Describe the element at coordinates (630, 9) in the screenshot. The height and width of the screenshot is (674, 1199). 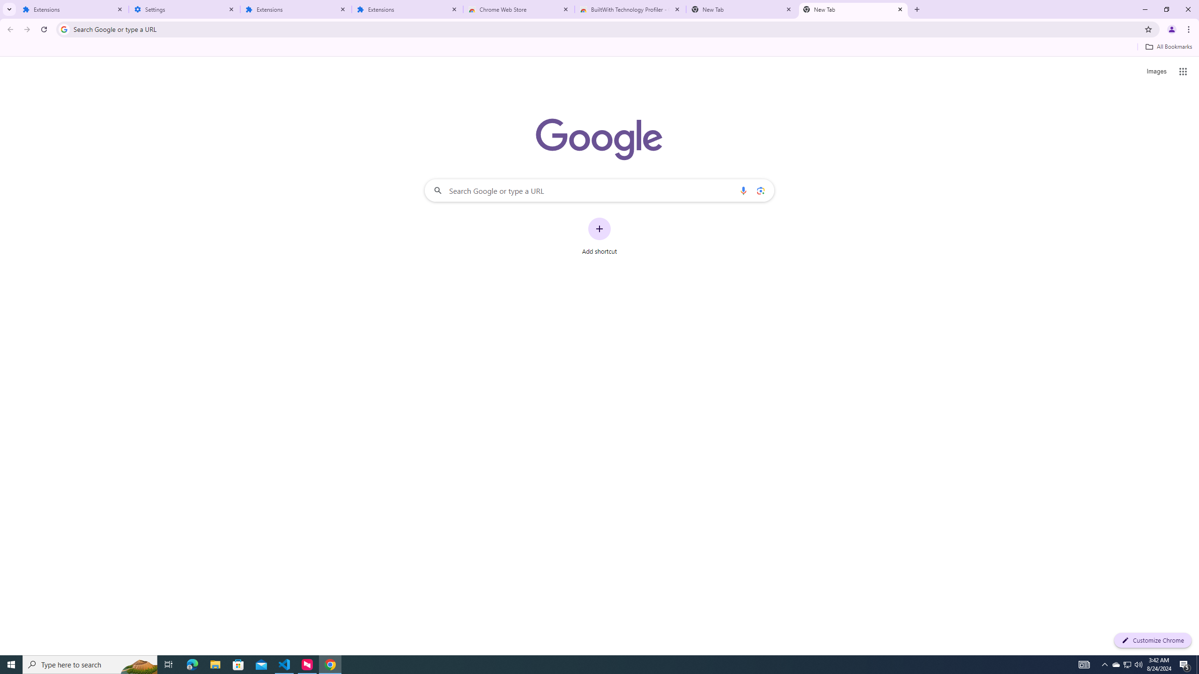
I see `'BuiltWith Technology Profiler - Chrome Web Store'` at that location.